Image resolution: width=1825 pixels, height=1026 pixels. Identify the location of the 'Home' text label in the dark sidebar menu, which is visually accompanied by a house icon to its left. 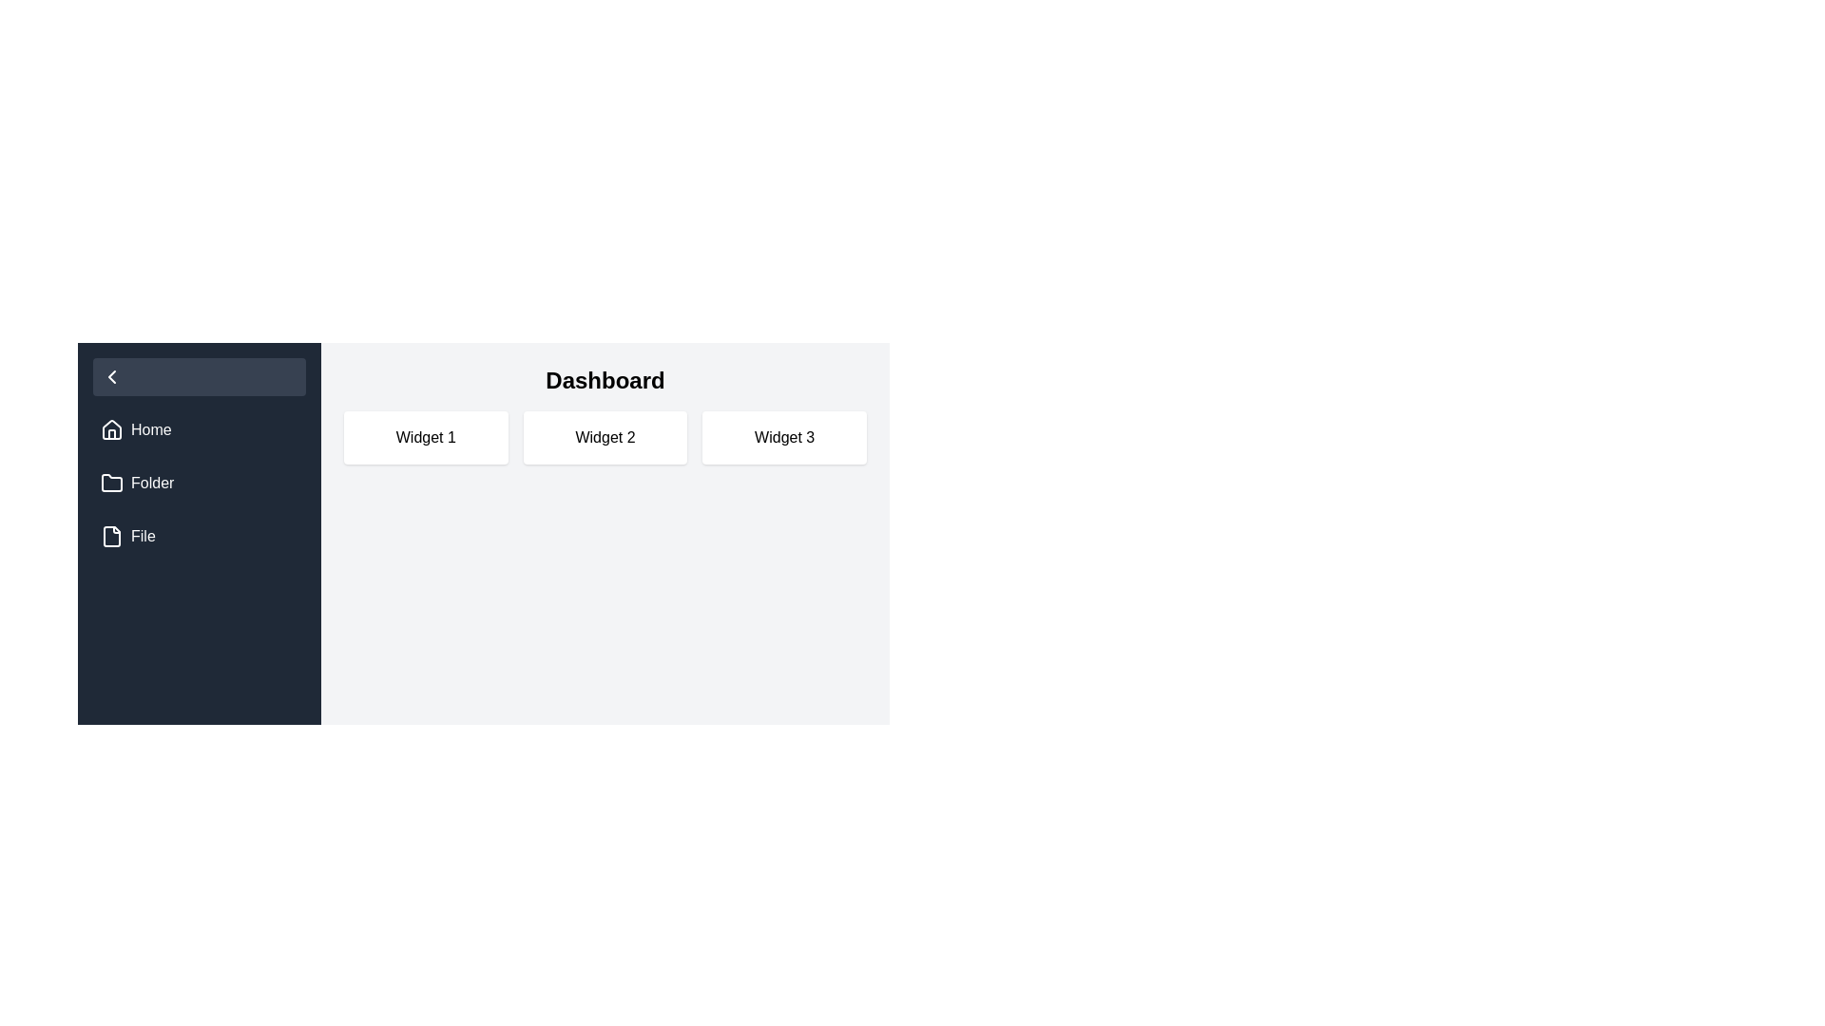
(150, 429).